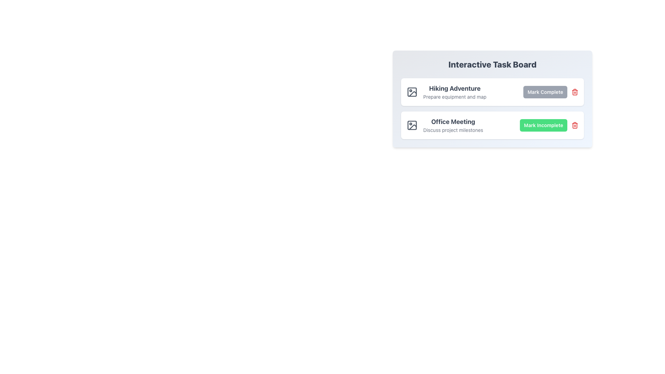 The image size is (665, 374). What do you see at coordinates (412, 125) in the screenshot?
I see `the Image icon (SVG) representing the task titled 'Office Meeting', located to the left of the task text components` at bounding box center [412, 125].